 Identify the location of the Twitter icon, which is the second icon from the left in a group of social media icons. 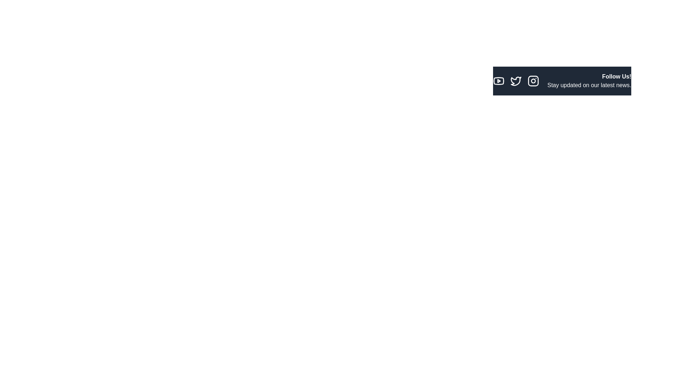
(516, 81).